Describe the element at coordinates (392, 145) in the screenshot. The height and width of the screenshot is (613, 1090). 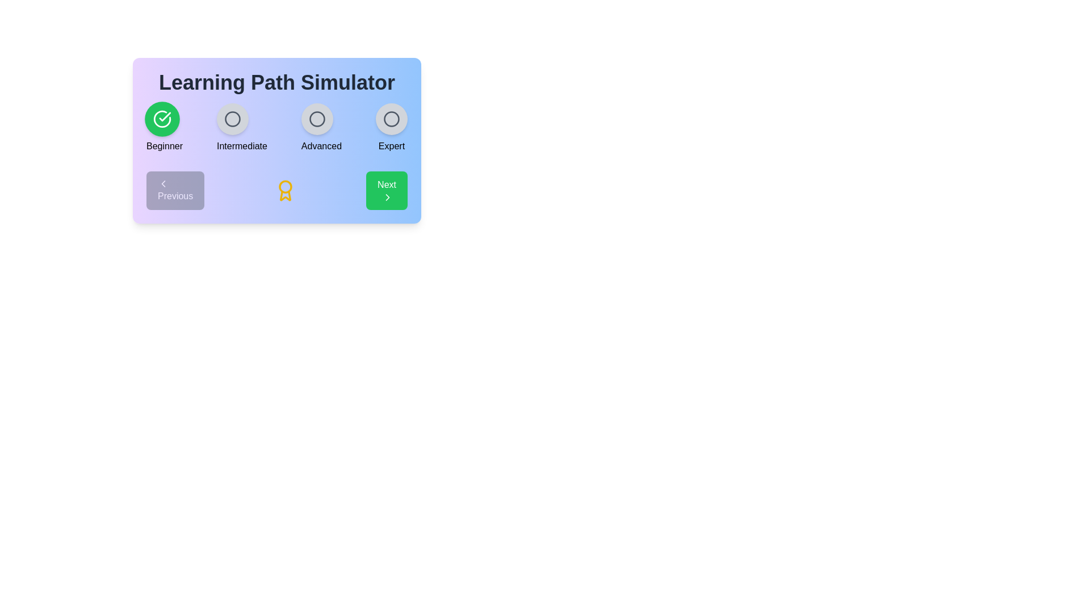
I see `the 'Expert' level Text Label, which is the fourth label in a horizontal list of four labels` at that location.